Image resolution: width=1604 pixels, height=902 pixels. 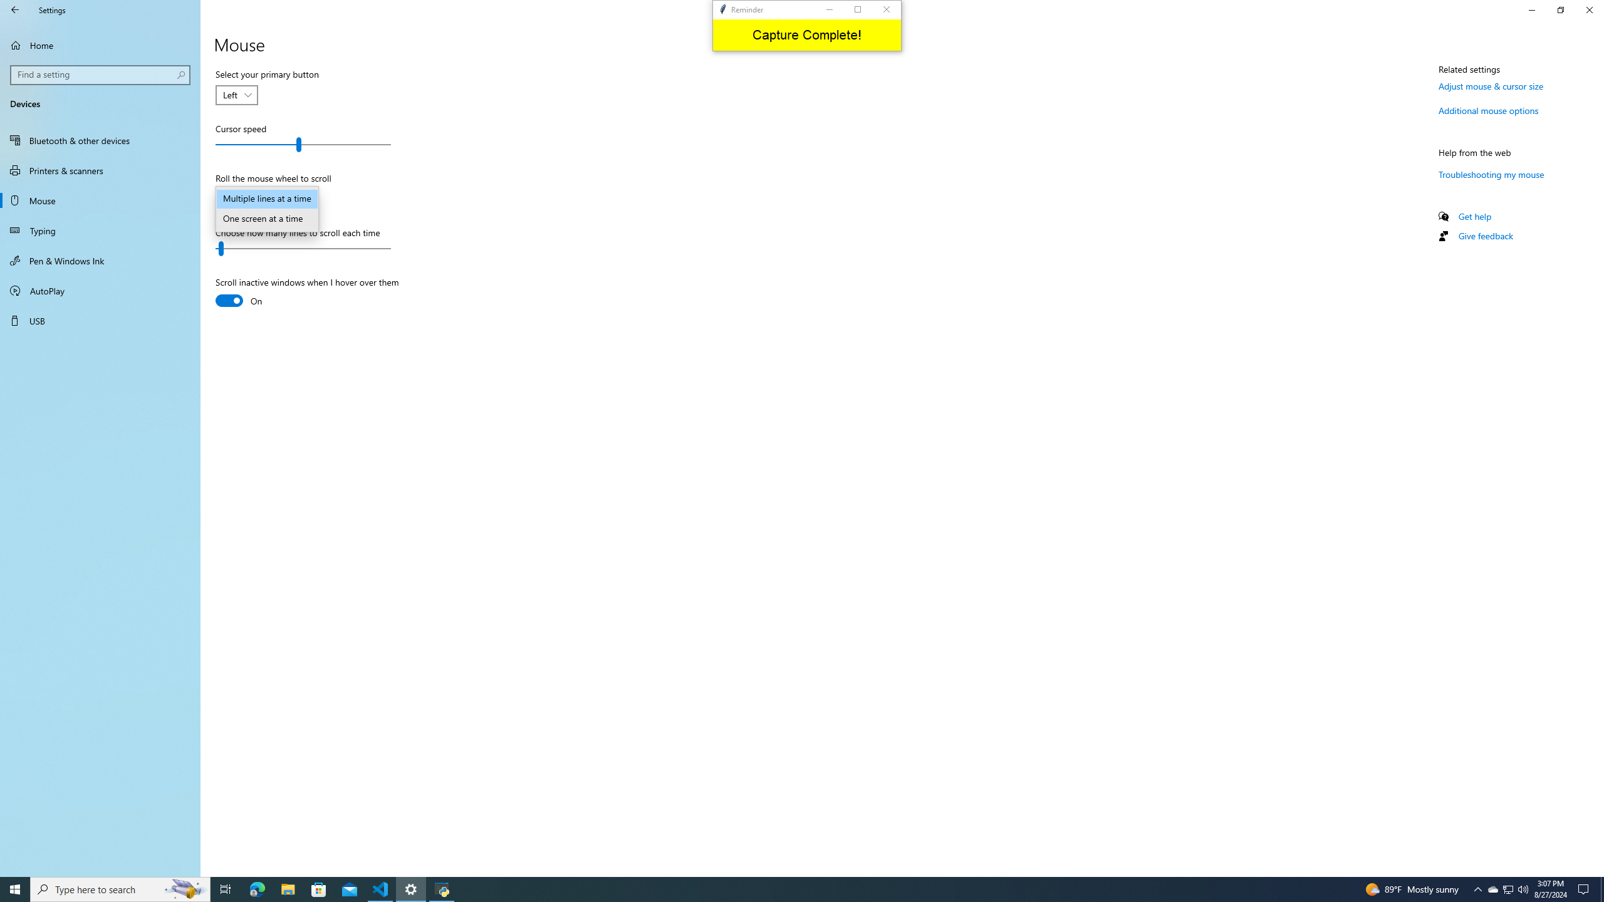 What do you see at coordinates (302, 144) in the screenshot?
I see `'Cursor speed'` at bounding box center [302, 144].